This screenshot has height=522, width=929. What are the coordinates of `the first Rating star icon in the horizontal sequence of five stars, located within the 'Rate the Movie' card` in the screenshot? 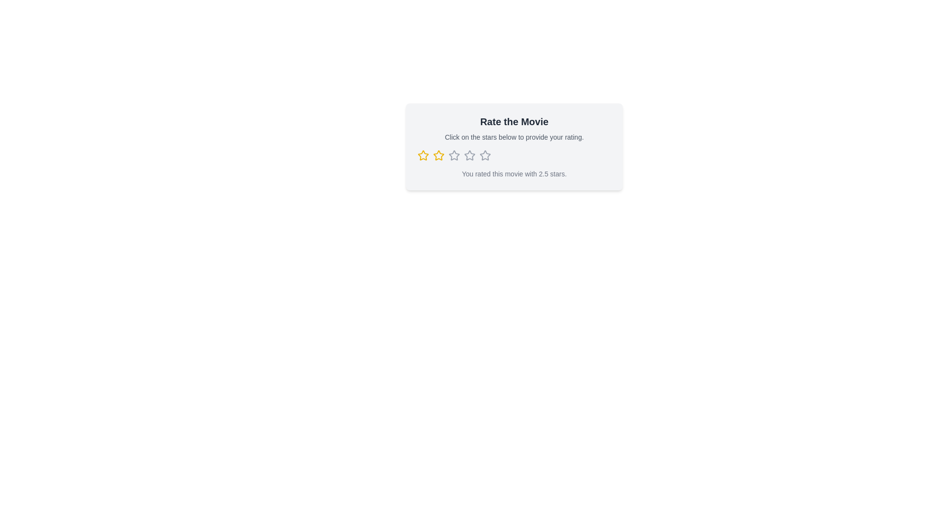 It's located at (423, 155).